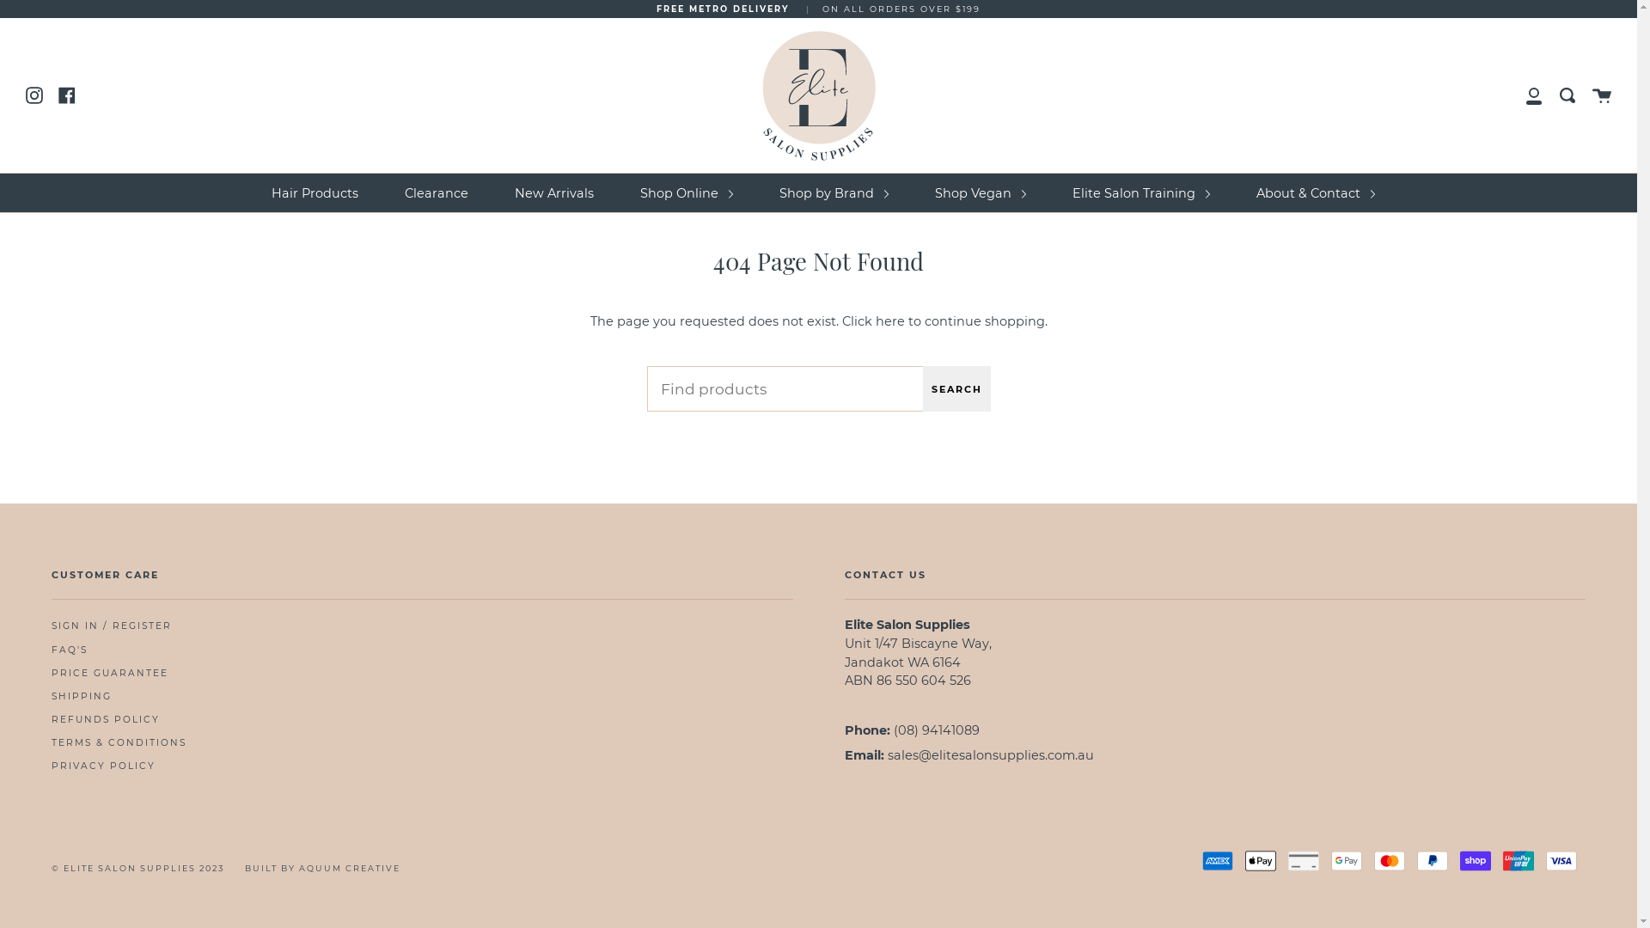  What do you see at coordinates (1600, 95) in the screenshot?
I see `'Cart'` at bounding box center [1600, 95].